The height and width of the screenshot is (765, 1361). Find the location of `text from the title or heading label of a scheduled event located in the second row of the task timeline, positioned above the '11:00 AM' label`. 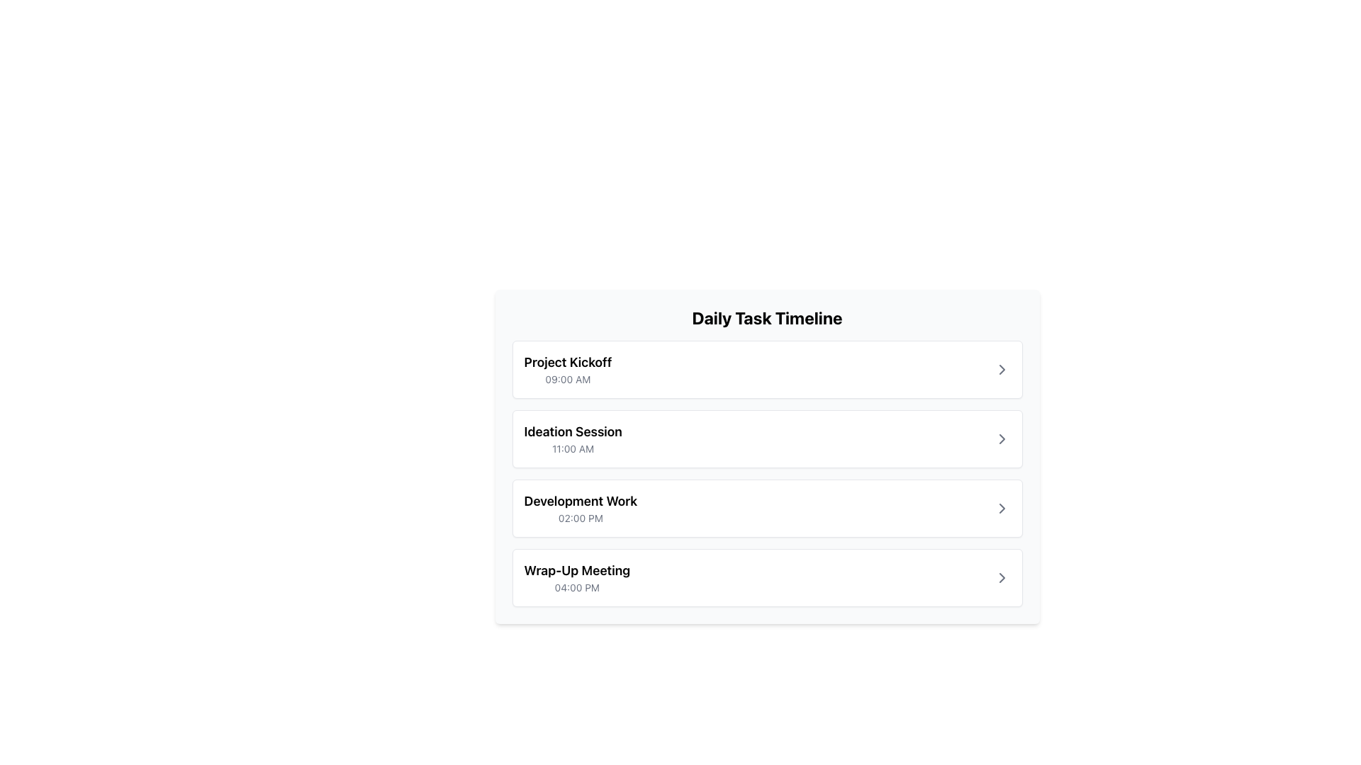

text from the title or heading label of a scheduled event located in the second row of the task timeline, positioned above the '11:00 AM' label is located at coordinates (573, 431).